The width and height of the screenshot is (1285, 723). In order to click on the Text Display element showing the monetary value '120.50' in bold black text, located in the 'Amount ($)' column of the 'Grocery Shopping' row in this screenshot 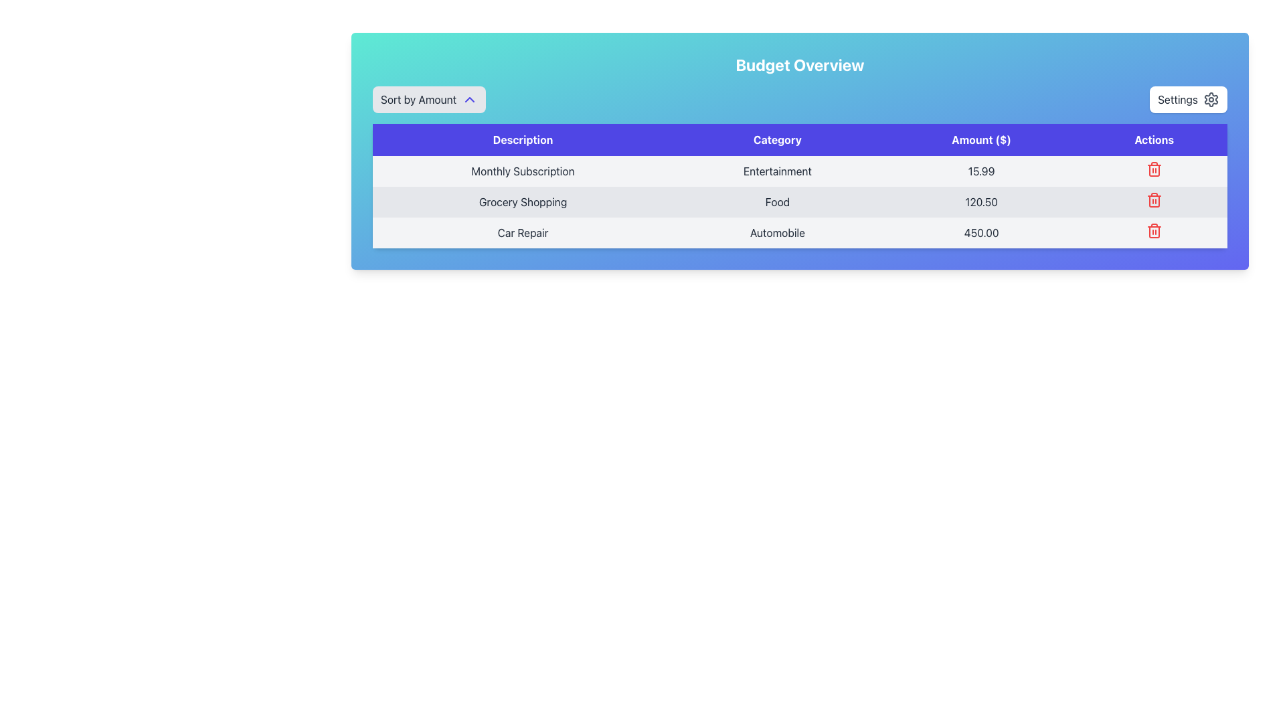, I will do `click(981, 202)`.